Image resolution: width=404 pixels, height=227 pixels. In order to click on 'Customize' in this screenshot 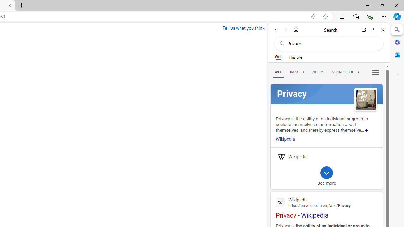, I will do `click(397, 75)`.